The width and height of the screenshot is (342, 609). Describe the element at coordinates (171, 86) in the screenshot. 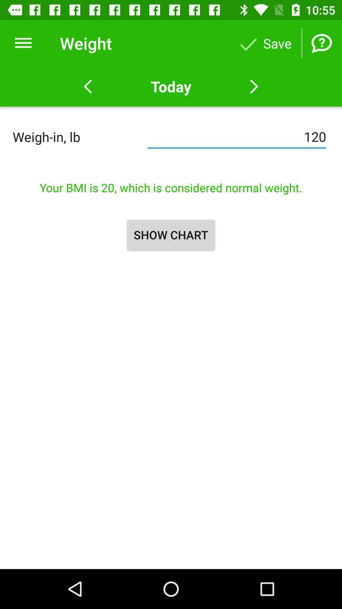

I see `today` at that location.